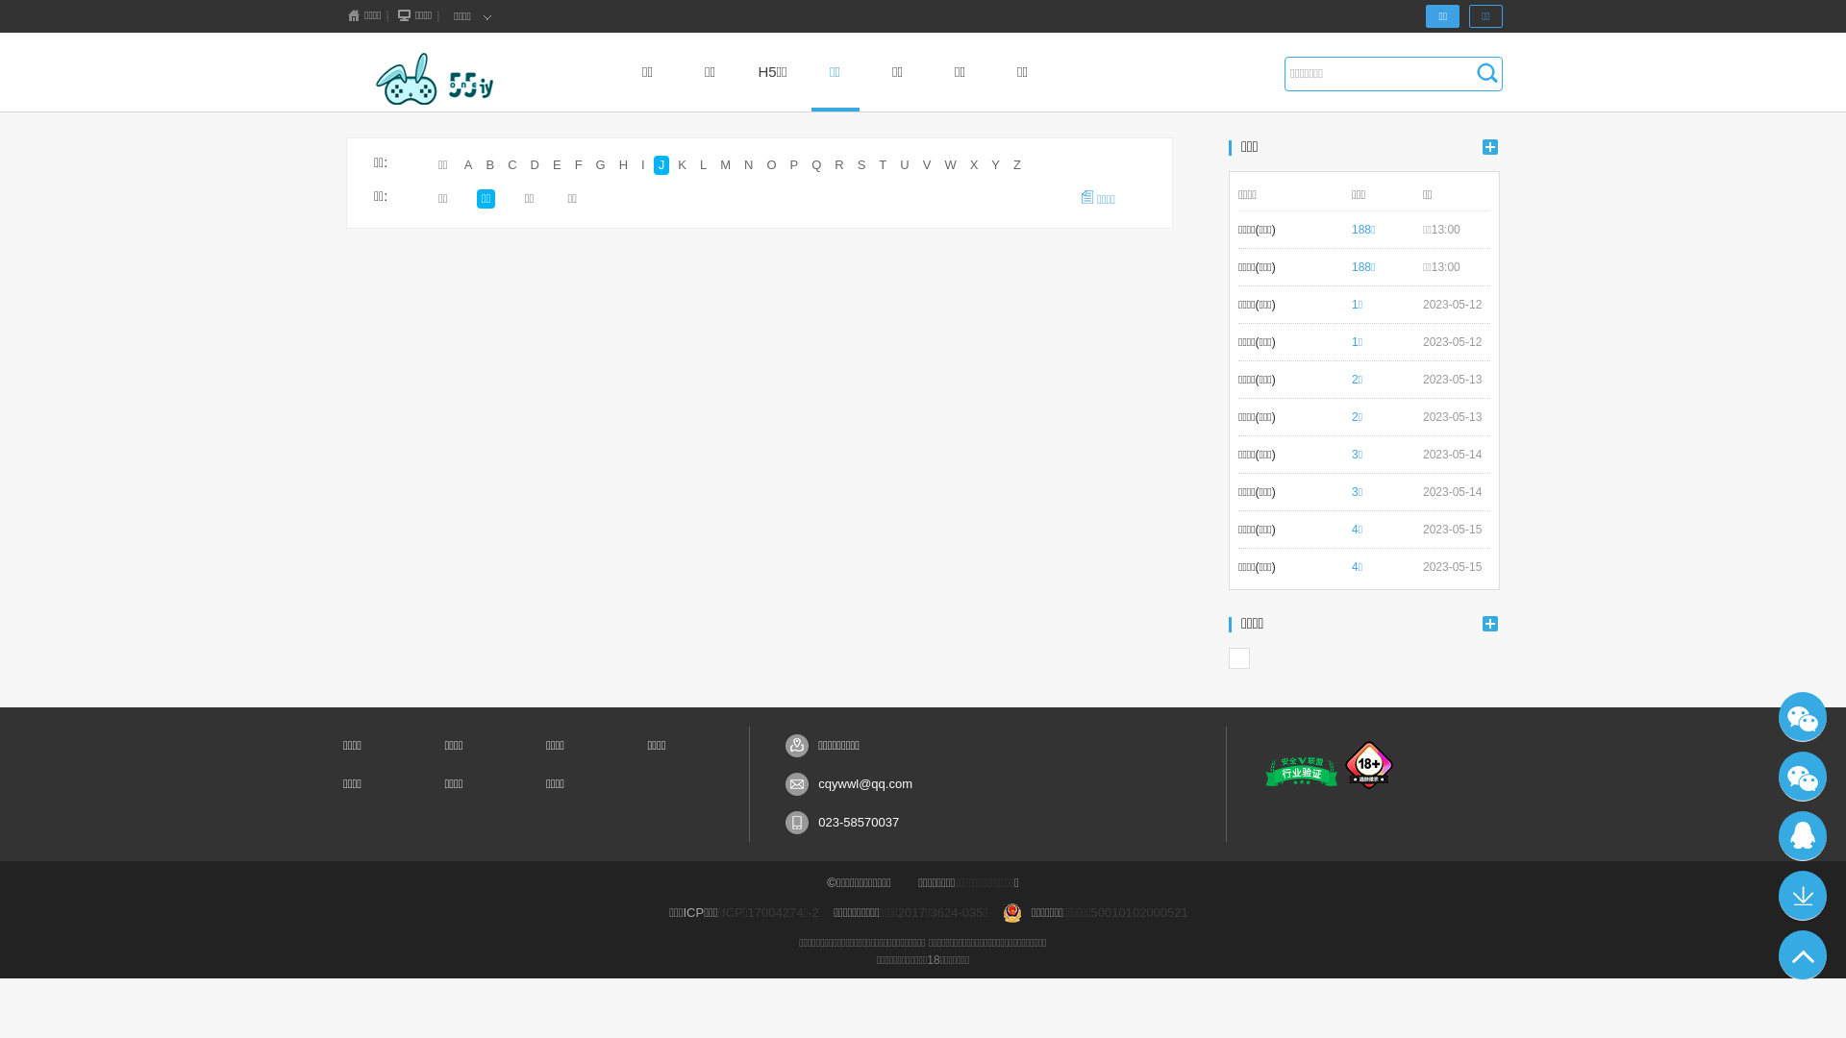  Describe the element at coordinates (599, 164) in the screenshot. I see `'G'` at that location.